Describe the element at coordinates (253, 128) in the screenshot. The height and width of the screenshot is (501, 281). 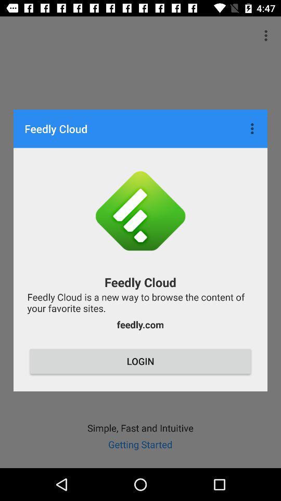
I see `app next to the feedly cloud item` at that location.